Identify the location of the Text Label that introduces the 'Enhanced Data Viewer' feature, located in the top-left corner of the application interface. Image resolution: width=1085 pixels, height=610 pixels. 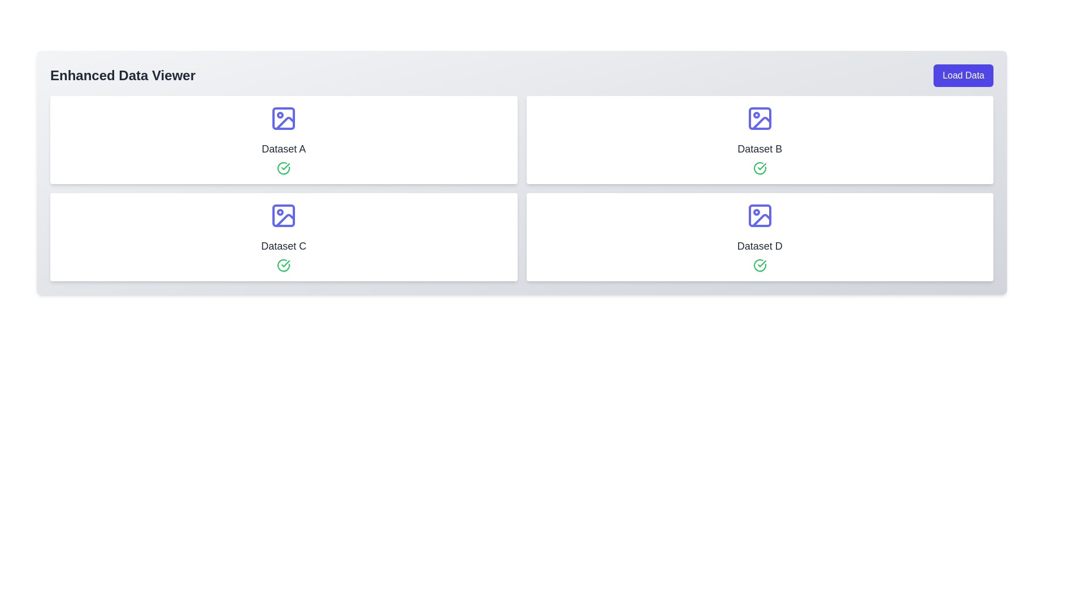
(123, 76).